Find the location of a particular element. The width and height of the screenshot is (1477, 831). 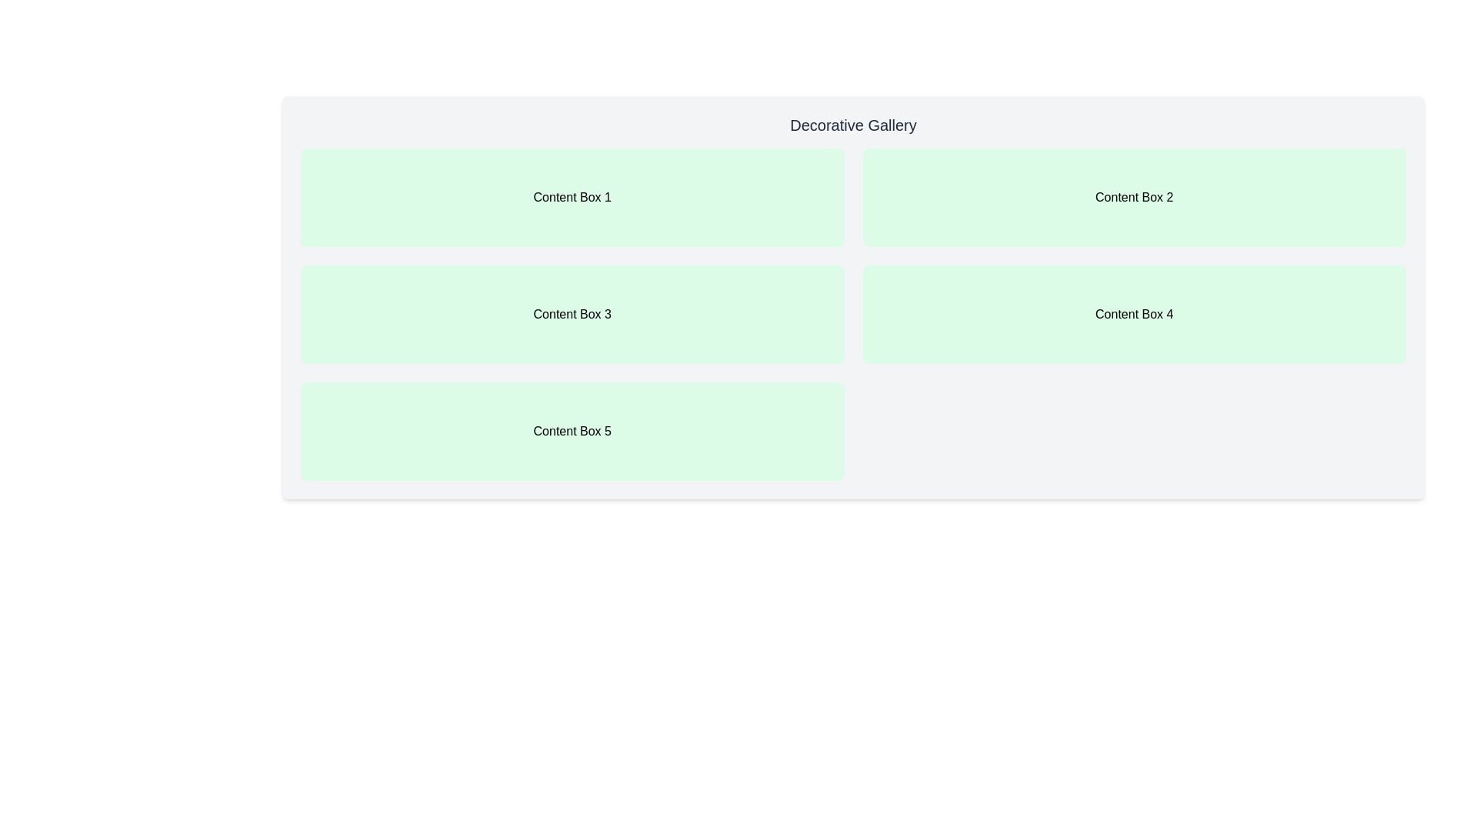

the static content box labeled 'Content Box 5', which has a light green background and centered black text, located in the bottom-left corner of the grid layout is located at coordinates (572, 431).